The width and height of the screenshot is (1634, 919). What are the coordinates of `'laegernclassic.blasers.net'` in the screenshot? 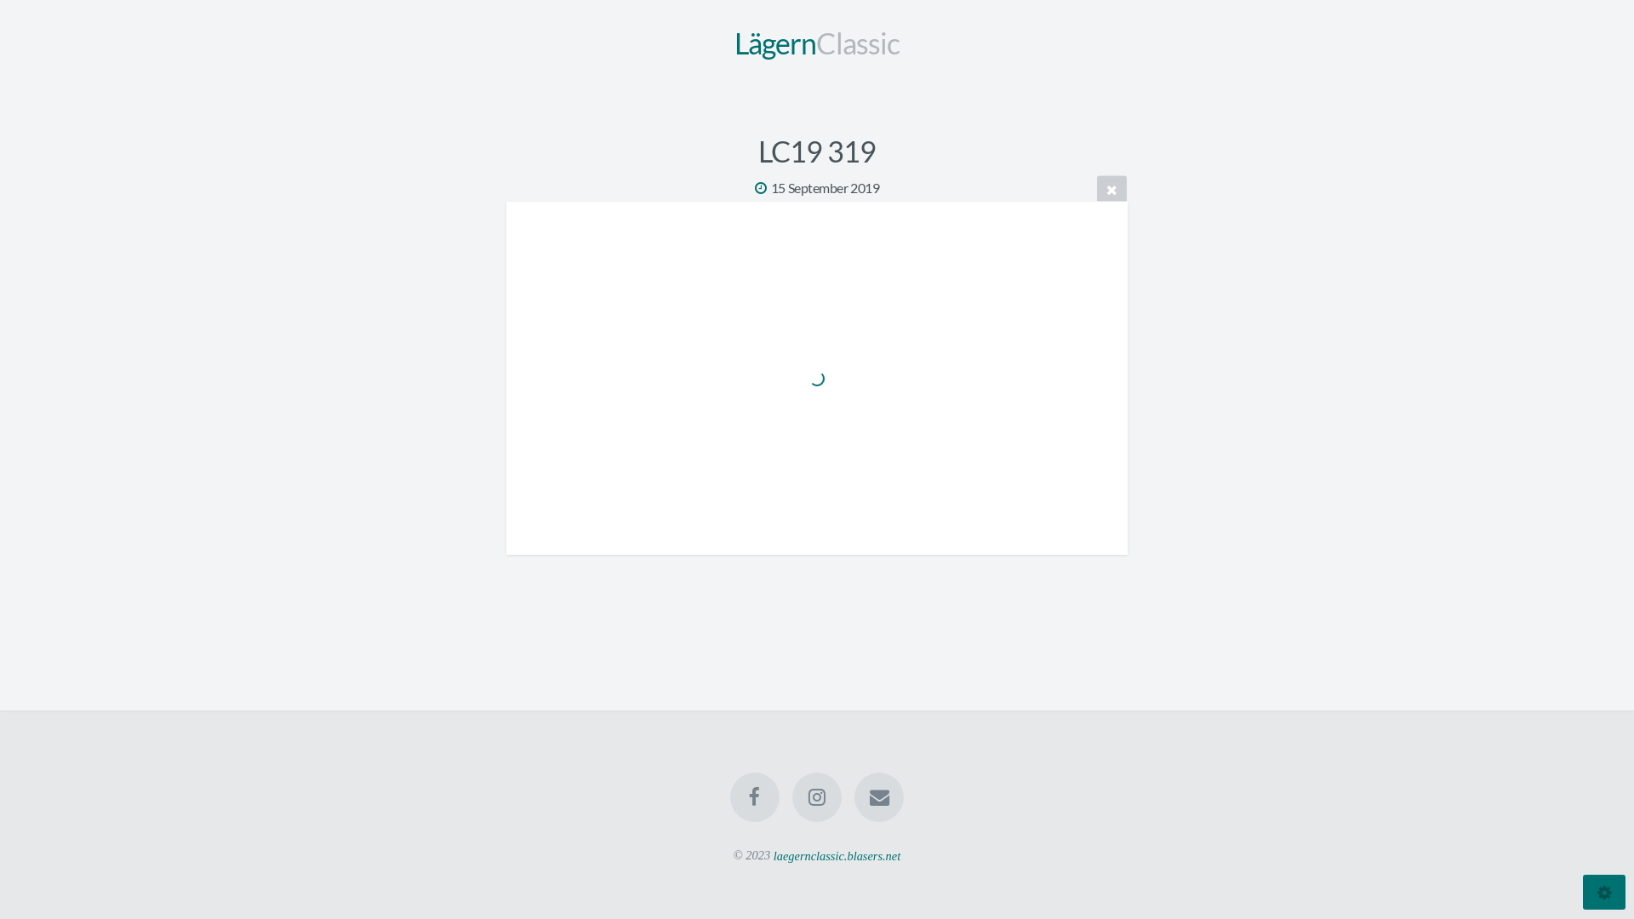 It's located at (837, 855).